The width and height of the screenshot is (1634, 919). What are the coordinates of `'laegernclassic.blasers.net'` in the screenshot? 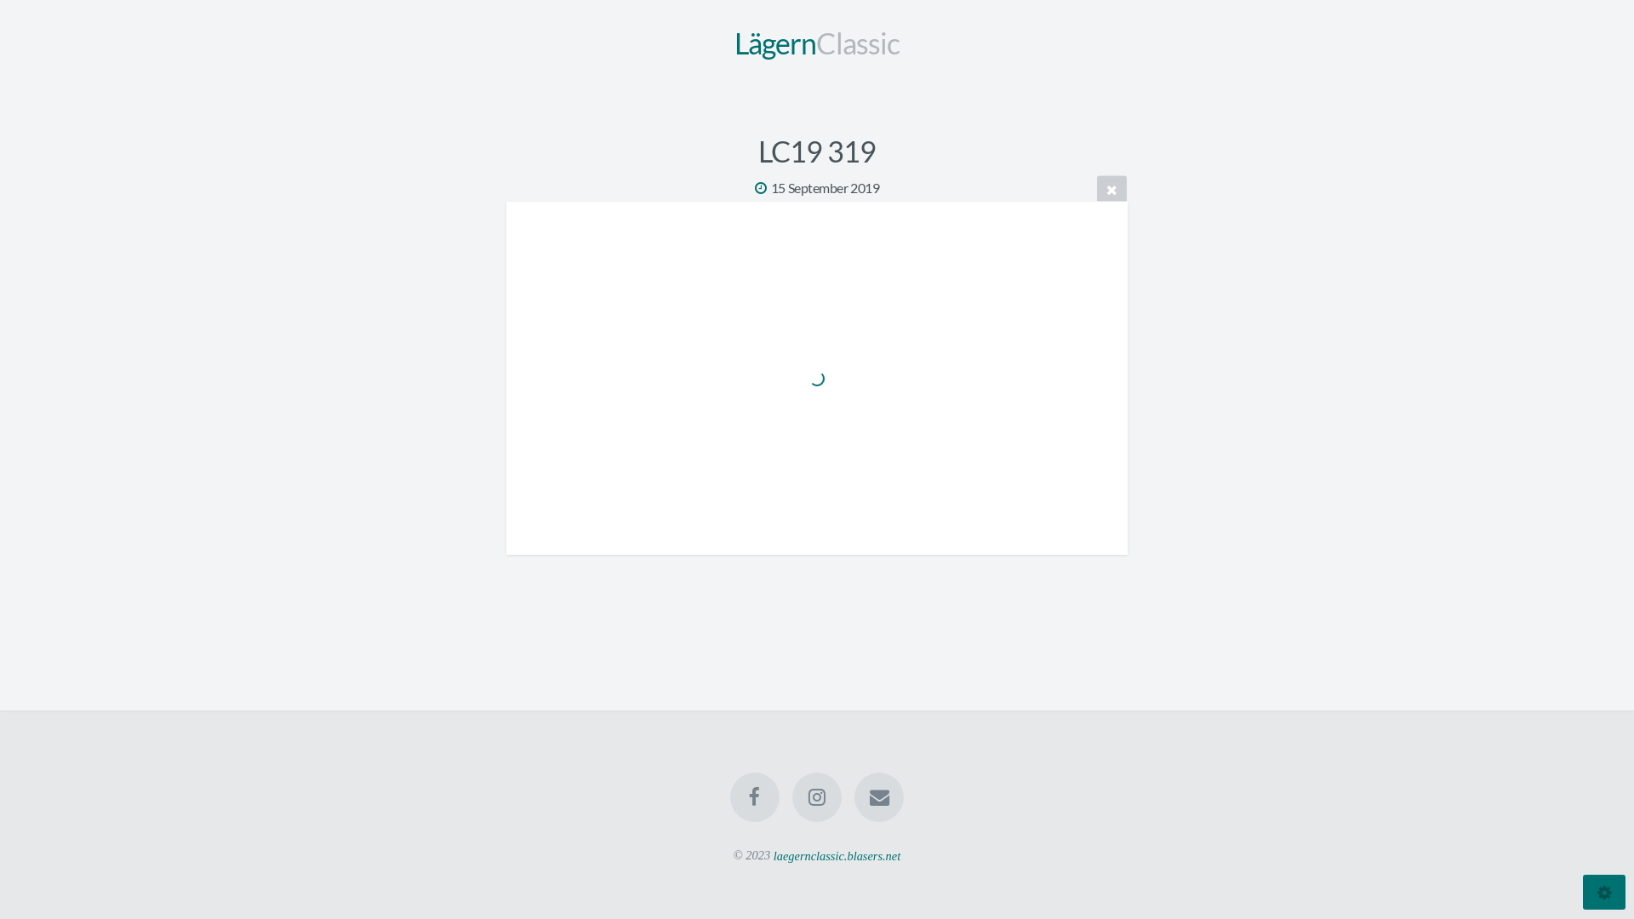 It's located at (837, 855).